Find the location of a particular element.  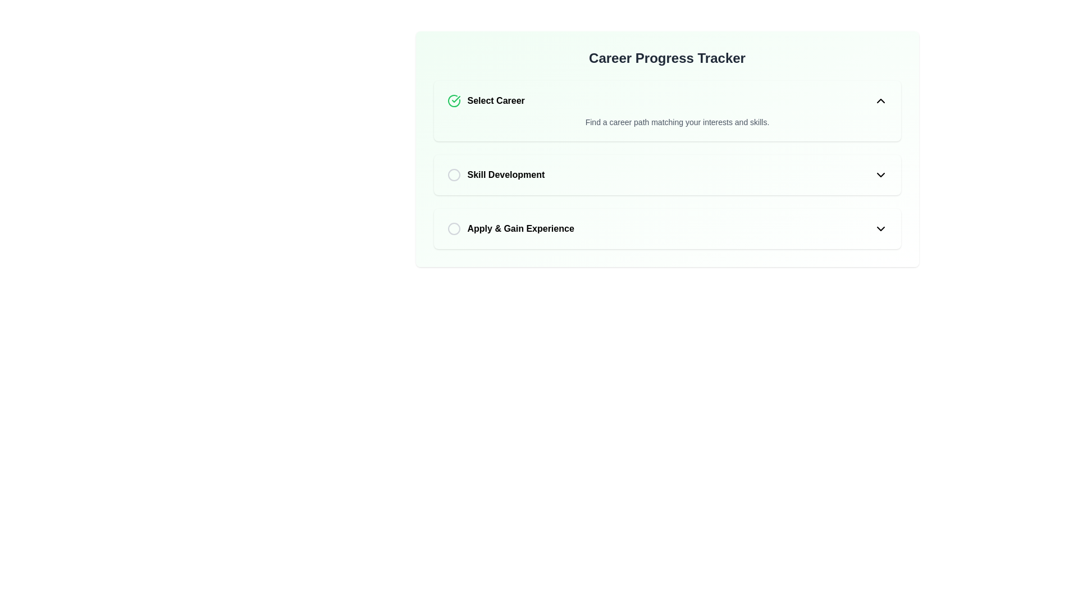

the 'Skill Development' text label, which is the second item in the list under 'Career Progress Tracker', located on a light green background next to a circular icon is located at coordinates (505, 175).